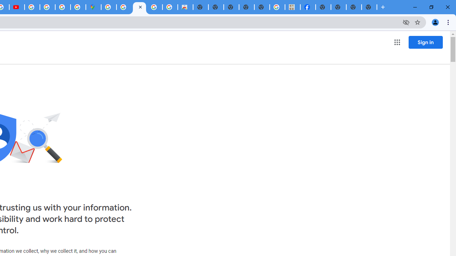 This screenshot has height=256, width=456. I want to click on 'Subscriptions - YouTube', so click(17, 7).